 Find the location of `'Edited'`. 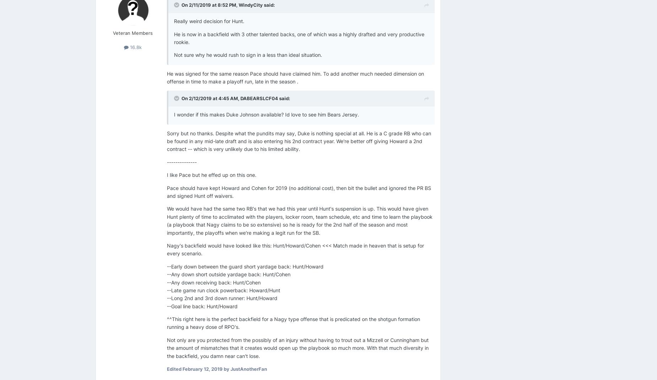

'Edited' is located at coordinates (174, 369).